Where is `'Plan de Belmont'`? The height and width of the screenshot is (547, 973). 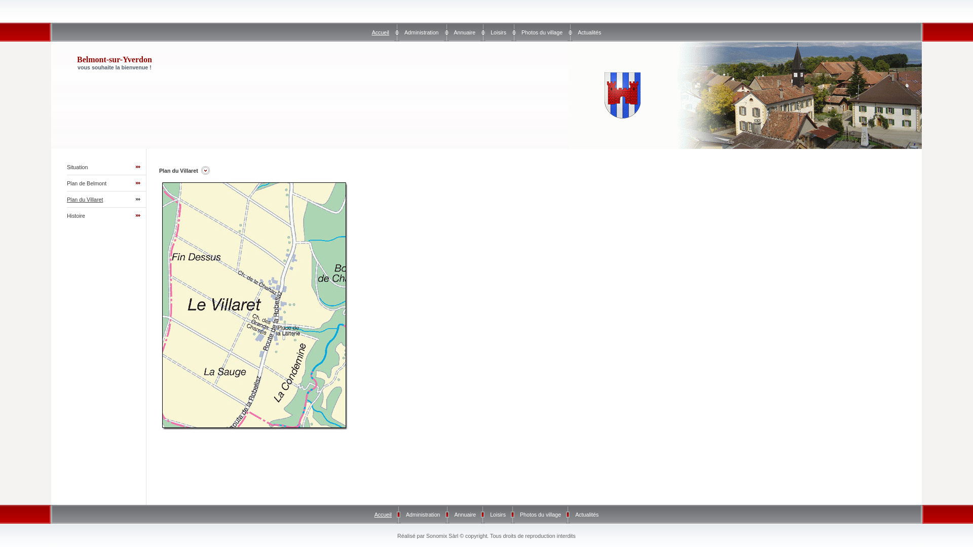
'Plan de Belmont' is located at coordinates (87, 183).